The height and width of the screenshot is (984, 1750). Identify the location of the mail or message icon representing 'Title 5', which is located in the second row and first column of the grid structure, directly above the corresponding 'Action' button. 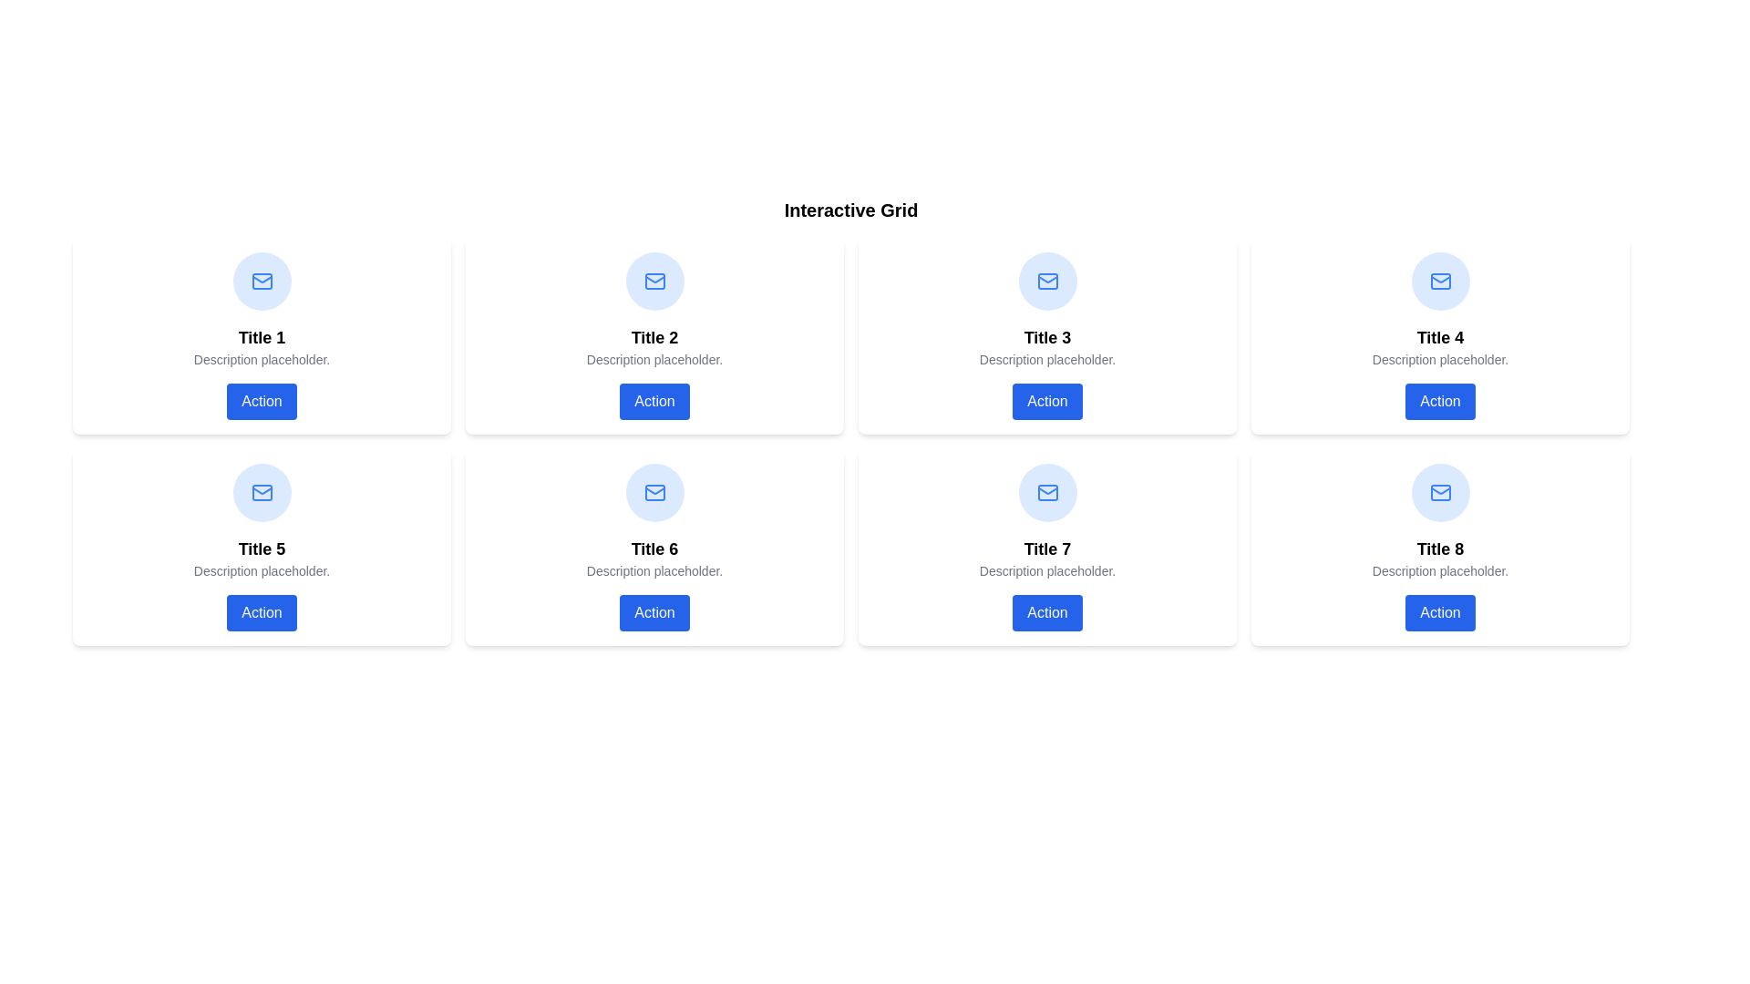
(261, 492).